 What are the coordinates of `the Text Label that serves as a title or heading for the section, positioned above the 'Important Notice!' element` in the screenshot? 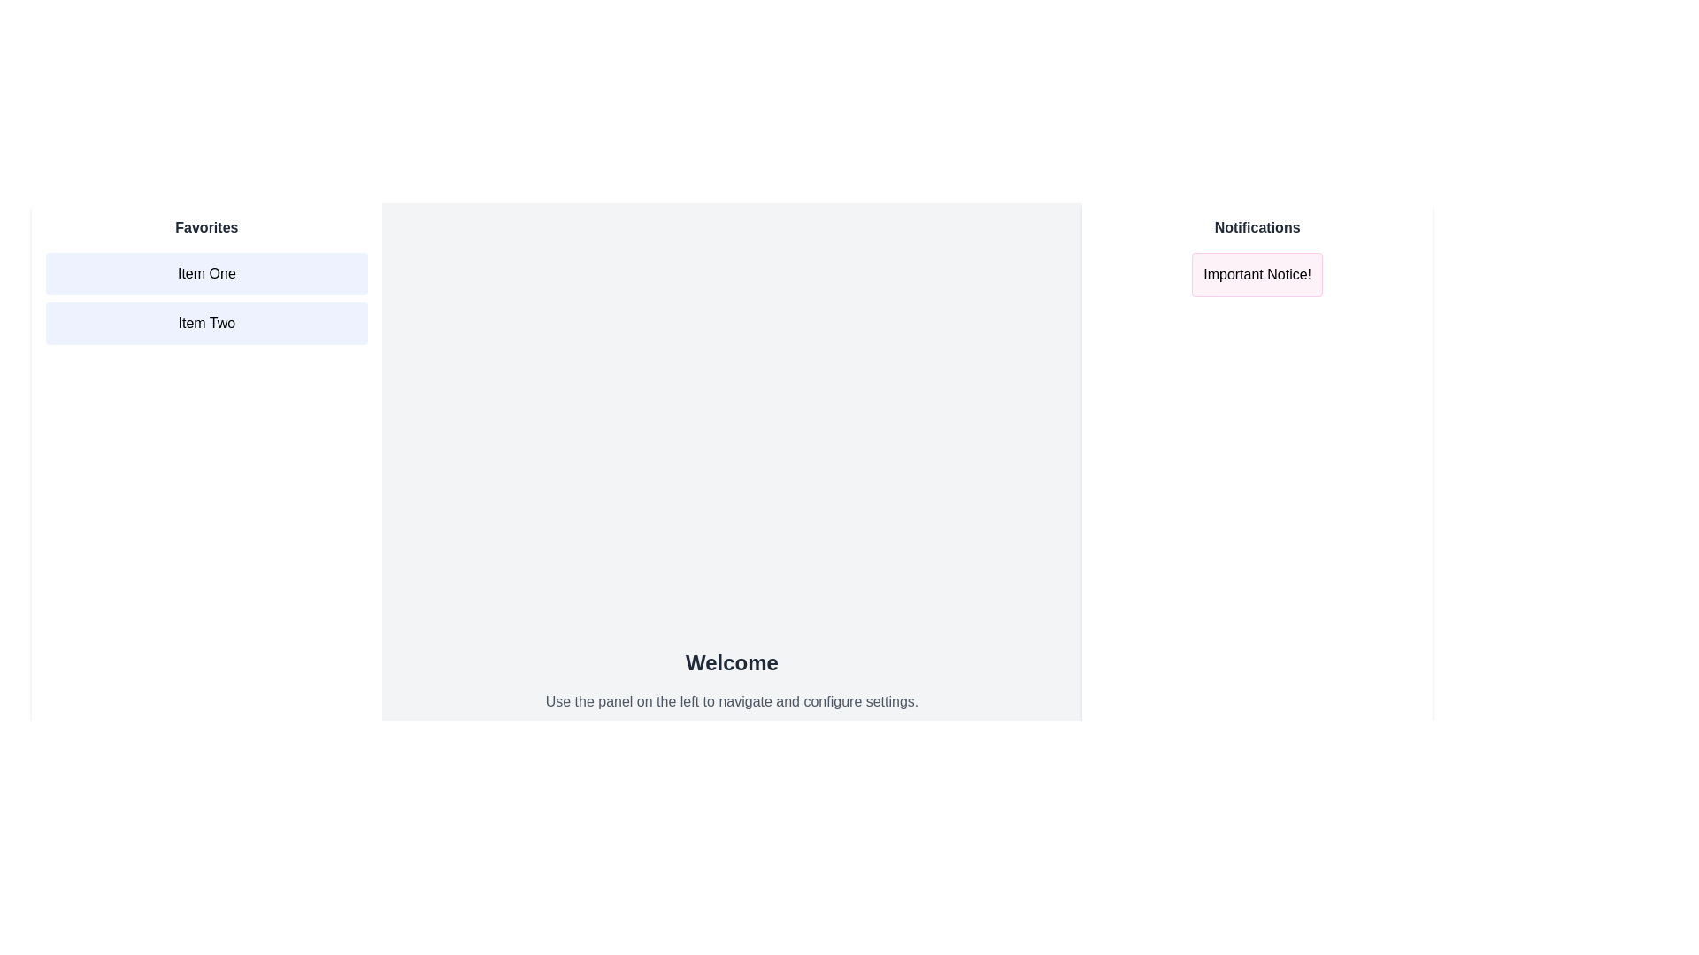 It's located at (1257, 227).